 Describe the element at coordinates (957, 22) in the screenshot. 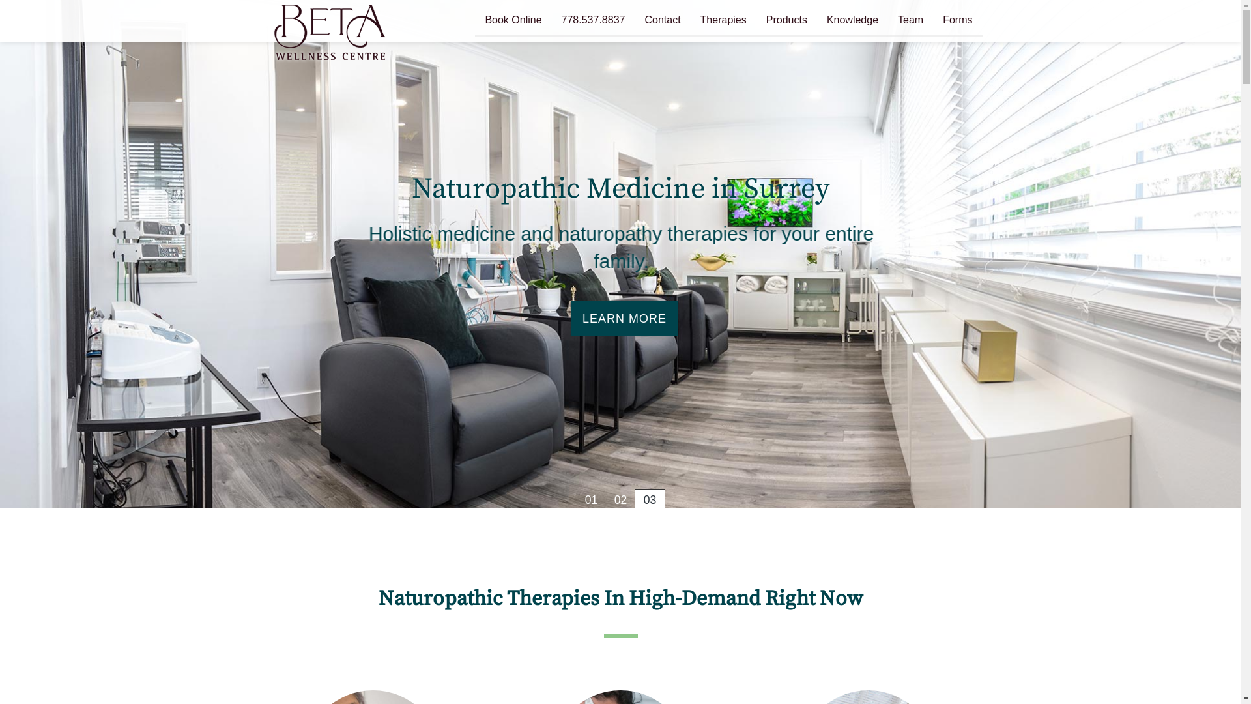

I see `'Forms'` at that location.